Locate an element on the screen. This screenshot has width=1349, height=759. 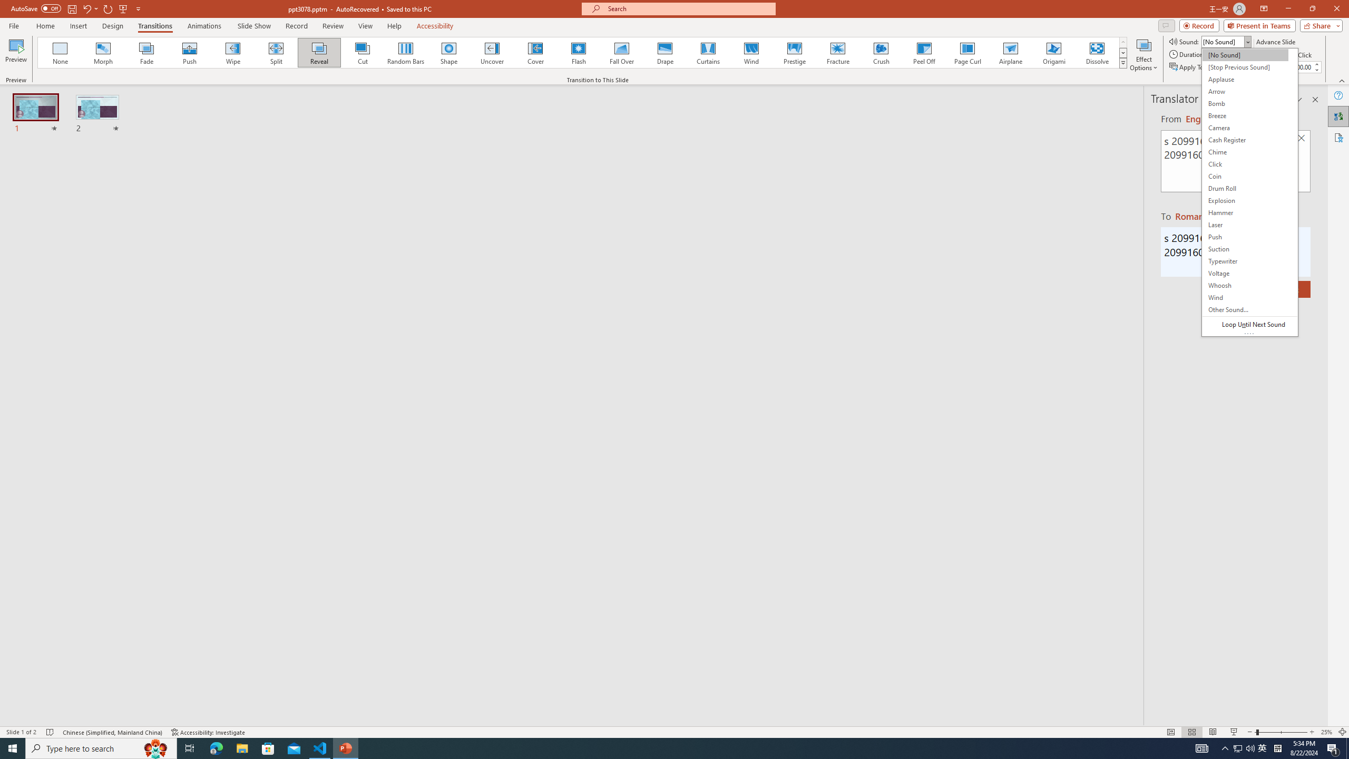
'Fall Over' is located at coordinates (621, 52).